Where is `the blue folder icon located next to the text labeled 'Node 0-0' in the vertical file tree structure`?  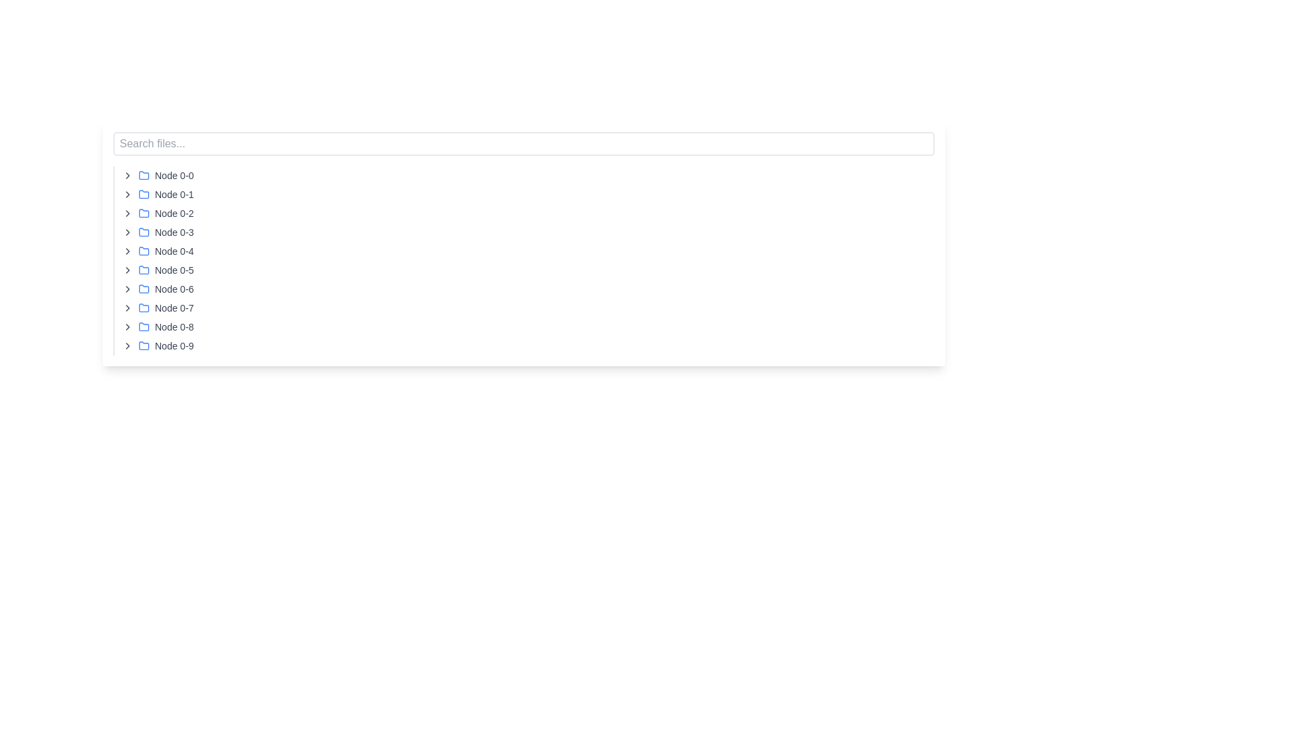 the blue folder icon located next to the text labeled 'Node 0-0' in the vertical file tree structure is located at coordinates (143, 174).